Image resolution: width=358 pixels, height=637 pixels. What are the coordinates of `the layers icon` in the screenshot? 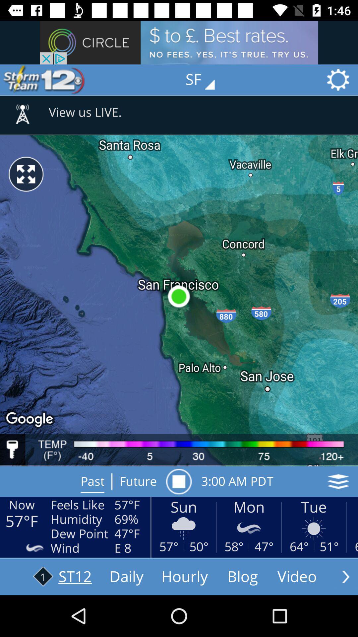 It's located at (338, 481).